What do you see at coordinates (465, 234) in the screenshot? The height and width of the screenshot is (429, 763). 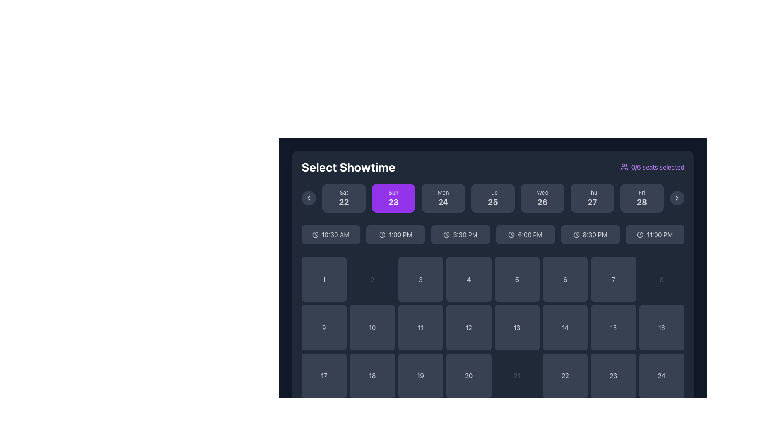 I see `the text element displaying '3:30 PM' in a button` at bounding box center [465, 234].